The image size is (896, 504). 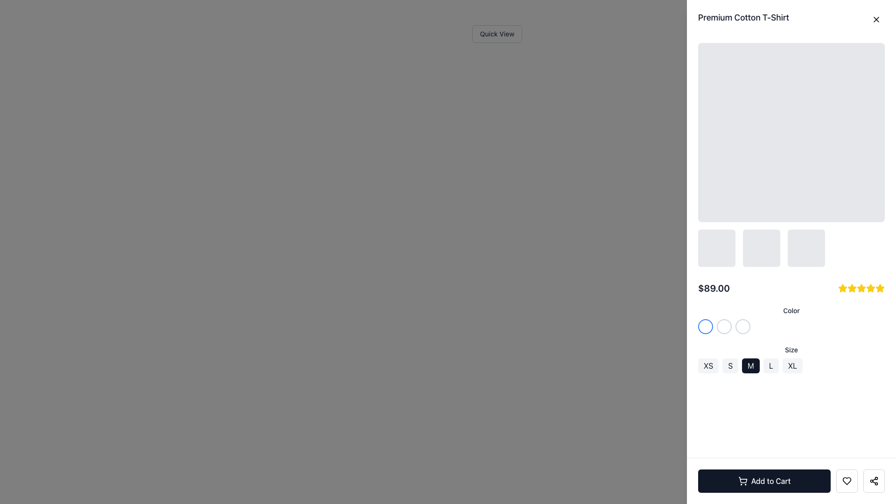 I want to click on the third yellow star icon in the rating system, so click(x=852, y=287).